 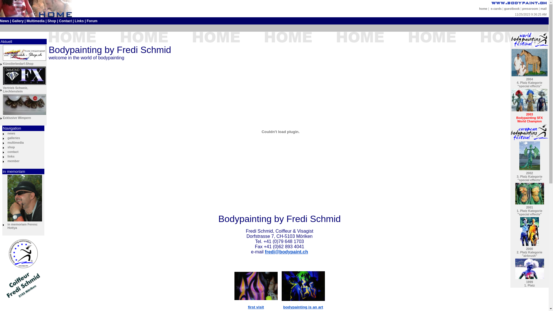 I want to click on 'Forum', so click(x=92, y=21).